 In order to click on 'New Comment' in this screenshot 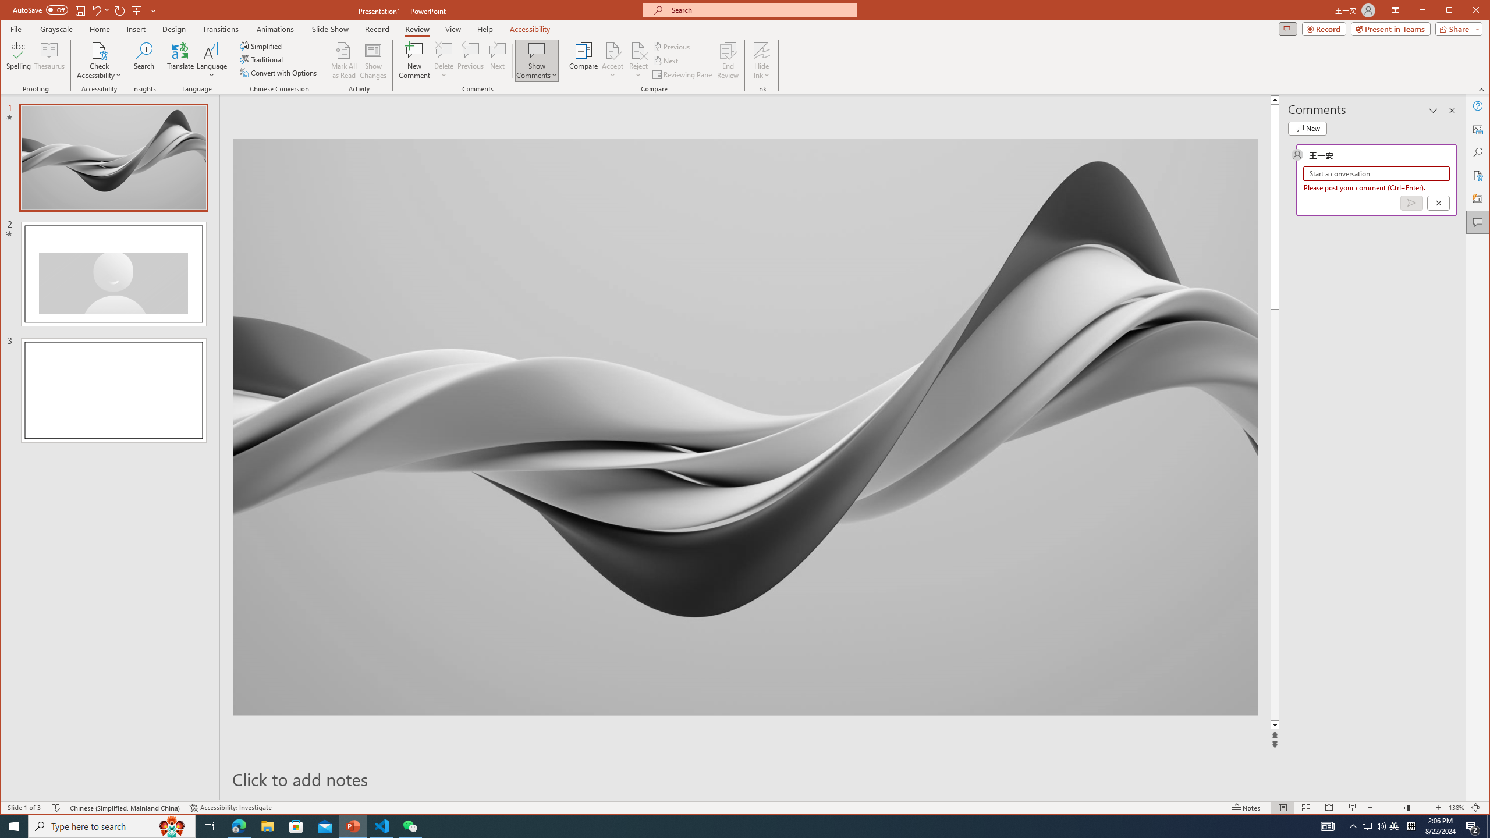, I will do `click(414, 60)`.